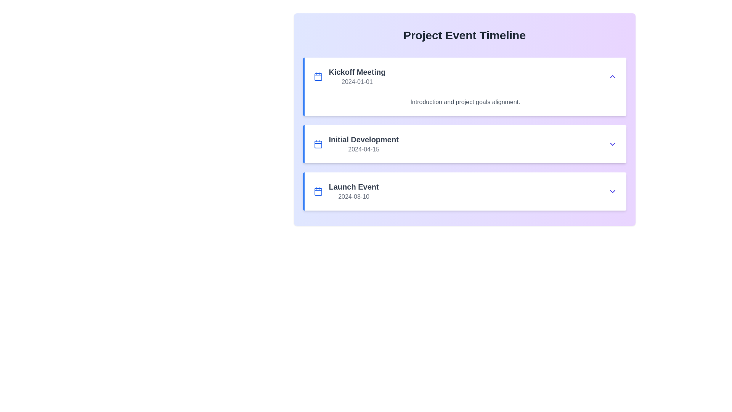 This screenshot has width=732, height=412. What do you see at coordinates (465, 191) in the screenshot?
I see `the dropdown arrow on the third event information card in the Project Event Timeline` at bounding box center [465, 191].